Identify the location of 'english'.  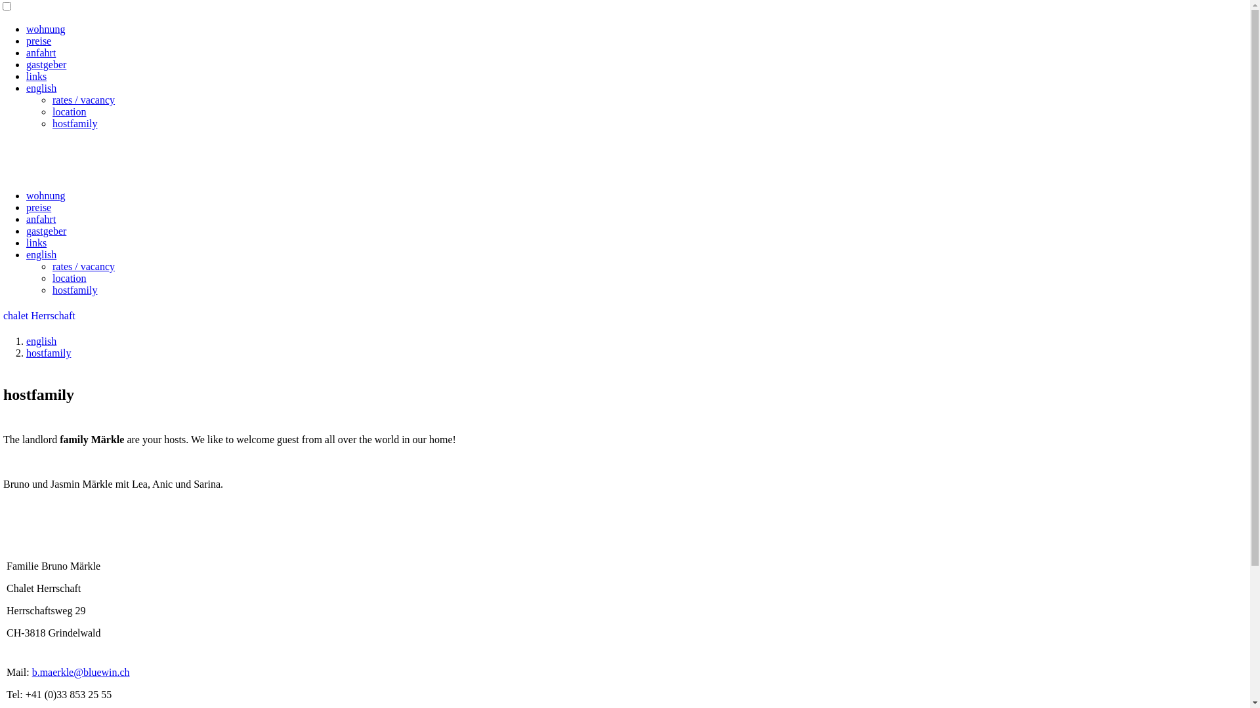
(41, 340).